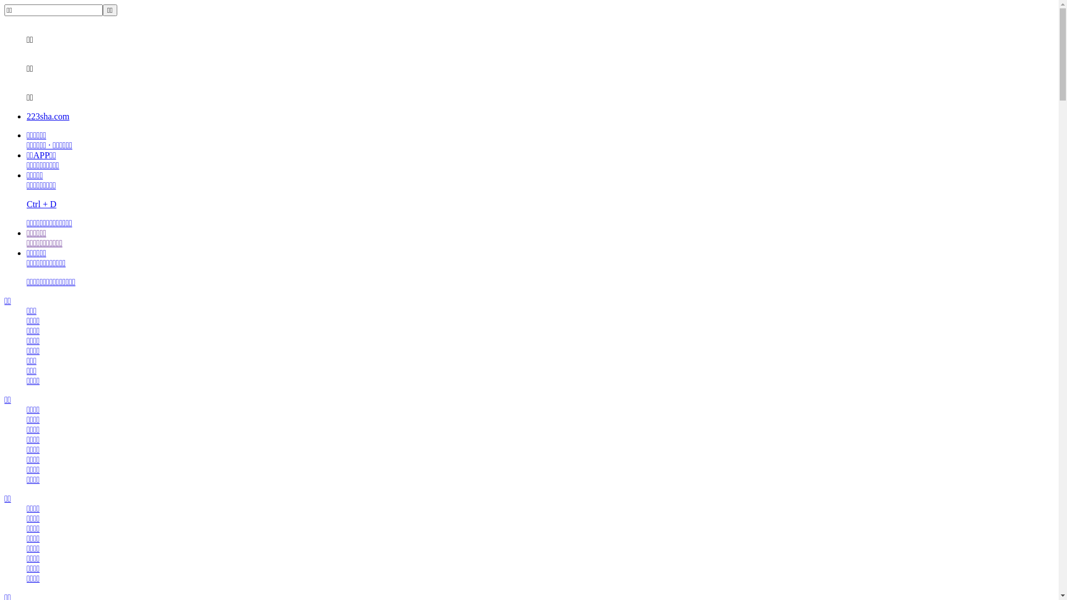  Describe the element at coordinates (47, 116) in the screenshot. I see `'223sha.com'` at that location.